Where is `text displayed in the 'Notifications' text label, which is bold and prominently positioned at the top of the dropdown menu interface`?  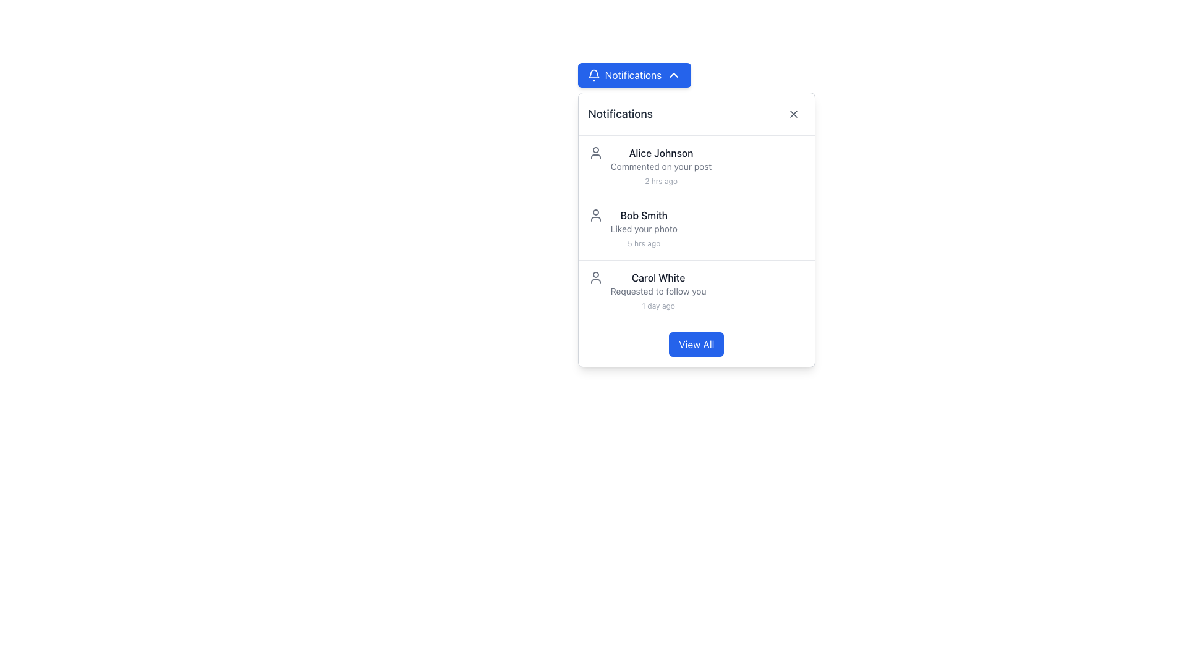 text displayed in the 'Notifications' text label, which is bold and prominently positioned at the top of the dropdown menu interface is located at coordinates (620, 114).